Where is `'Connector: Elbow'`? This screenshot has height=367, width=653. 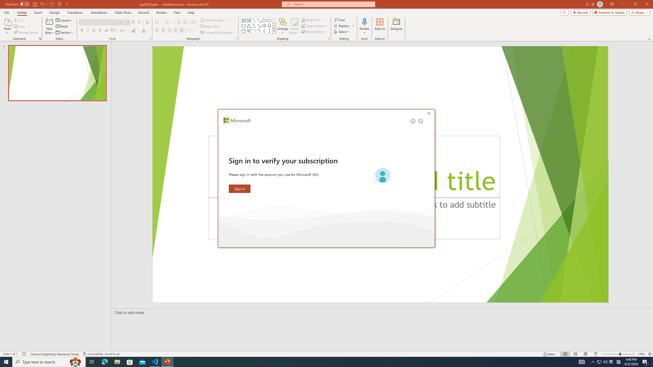 'Connector: Elbow' is located at coordinates (254, 25).